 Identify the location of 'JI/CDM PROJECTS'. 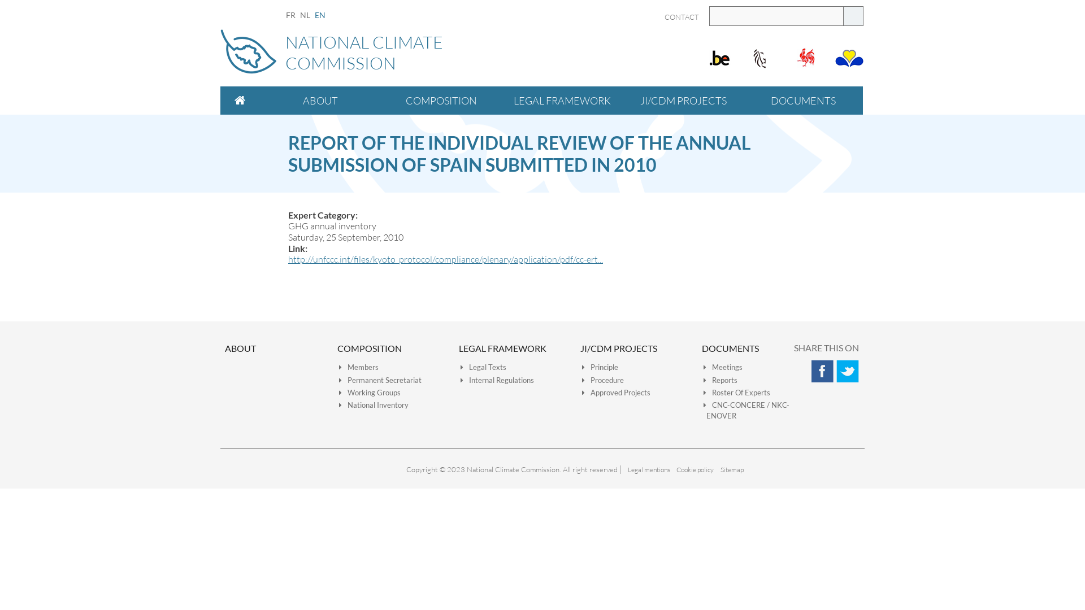
(618, 347).